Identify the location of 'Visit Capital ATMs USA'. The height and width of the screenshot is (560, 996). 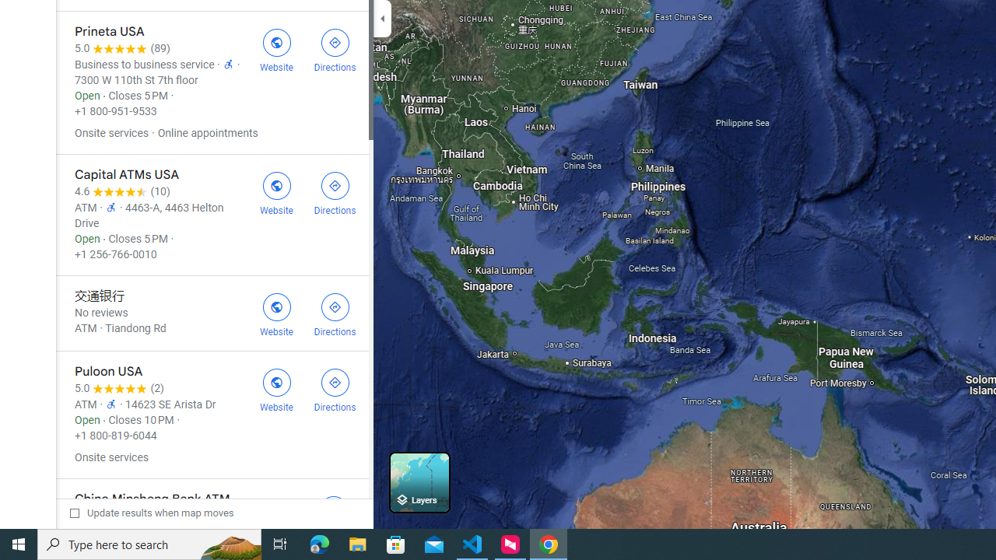
(276, 191).